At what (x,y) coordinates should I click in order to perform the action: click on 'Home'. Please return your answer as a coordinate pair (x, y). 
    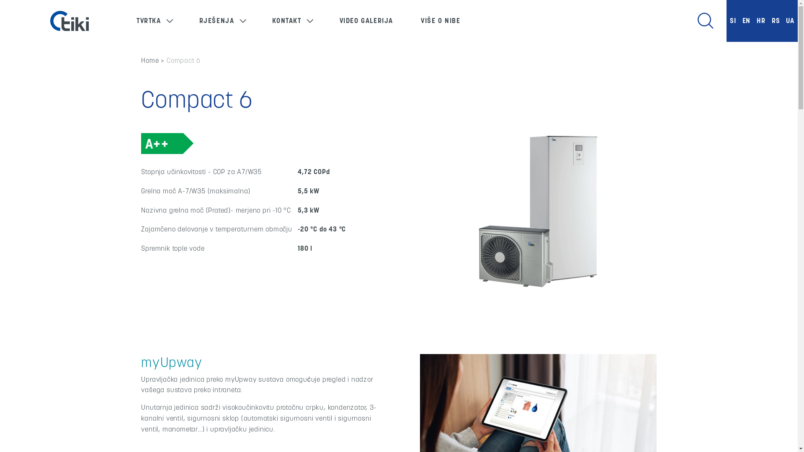
    Looking at the image, I should click on (150, 60).